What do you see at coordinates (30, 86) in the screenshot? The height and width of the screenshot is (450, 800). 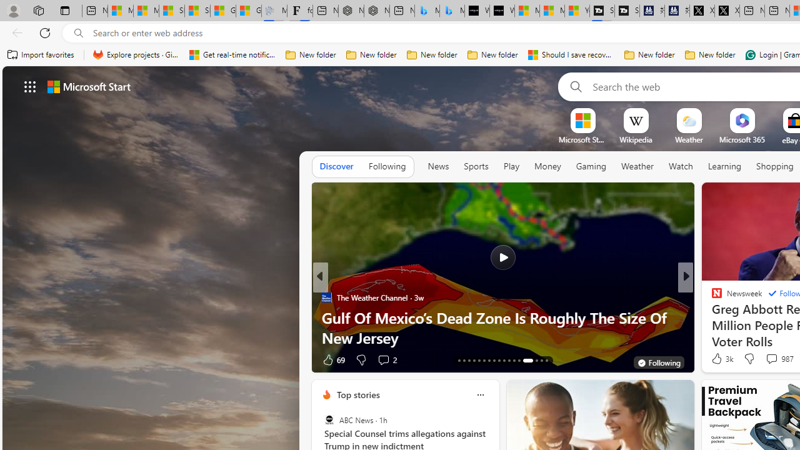 I see `'AutomationID: waffle'` at bounding box center [30, 86].